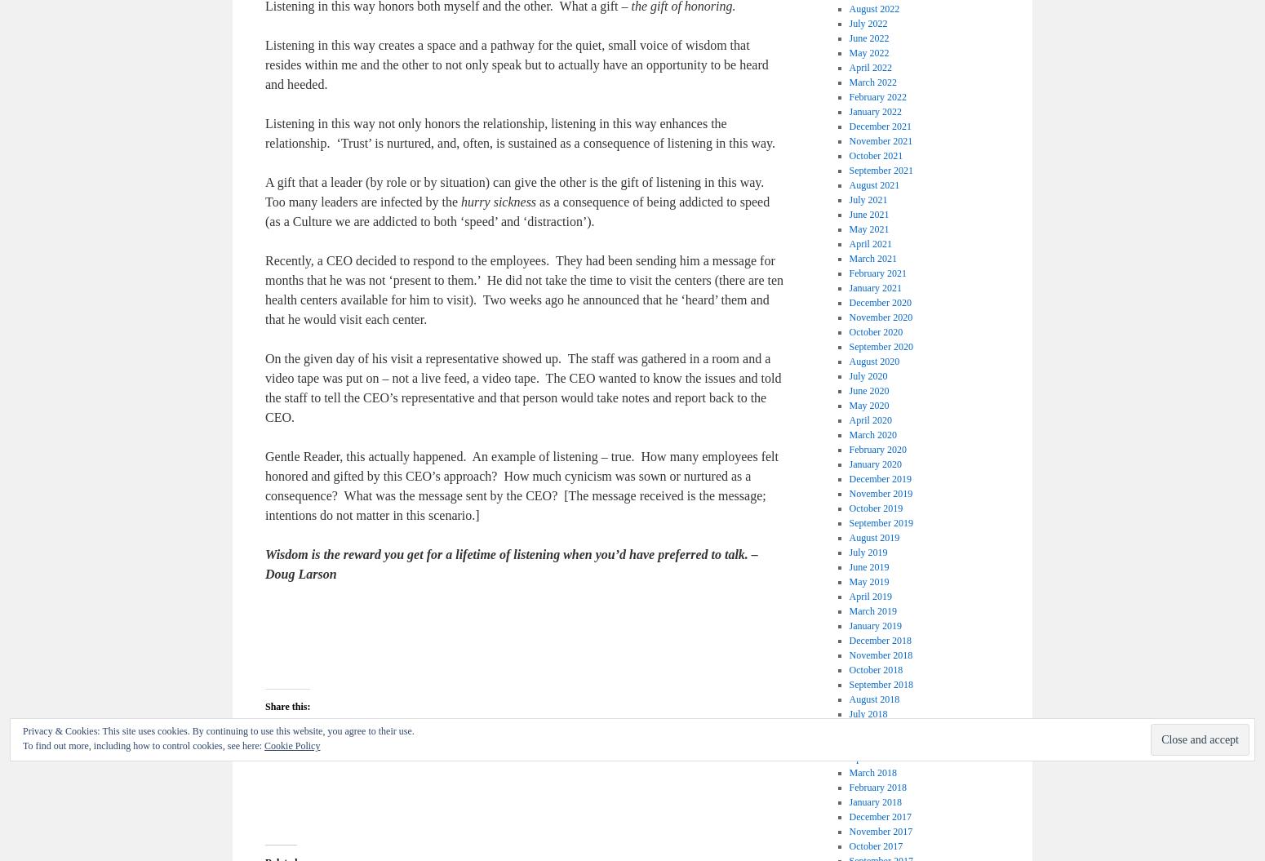  What do you see at coordinates (880, 479) in the screenshot?
I see `'December 2019'` at bounding box center [880, 479].